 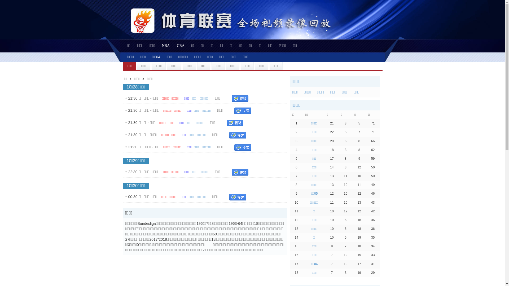 I want to click on 'CBA', so click(x=181, y=46).